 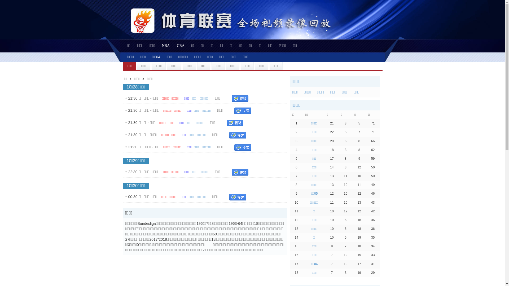 I want to click on 'CBA', so click(x=181, y=46).